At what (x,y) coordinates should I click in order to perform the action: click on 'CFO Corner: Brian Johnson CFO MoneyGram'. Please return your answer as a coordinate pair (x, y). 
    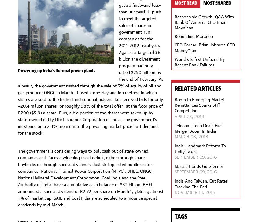
    Looking at the image, I should click on (174, 47).